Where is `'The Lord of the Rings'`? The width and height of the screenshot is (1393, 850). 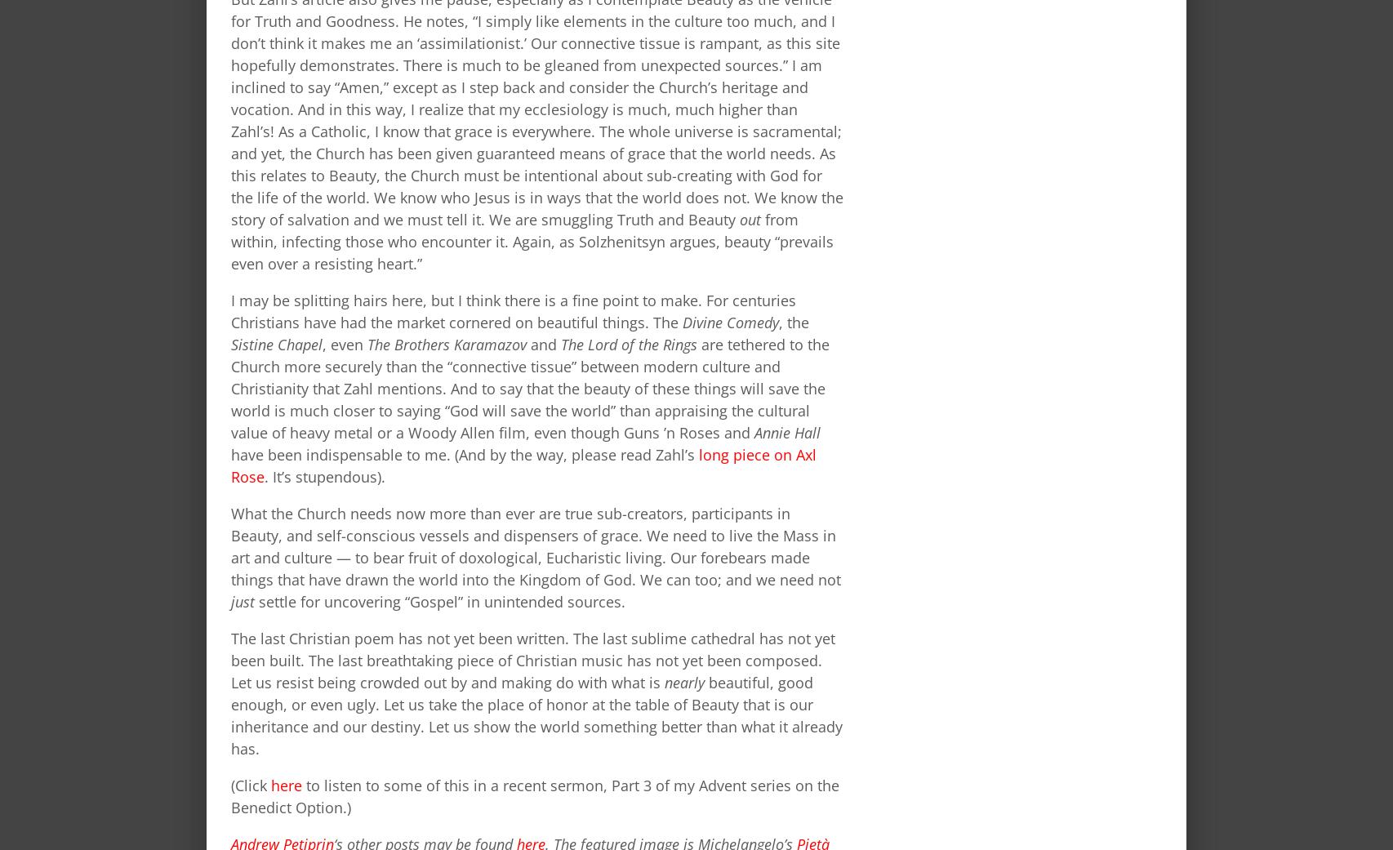
'The Lord of the Rings' is located at coordinates (560, 342).